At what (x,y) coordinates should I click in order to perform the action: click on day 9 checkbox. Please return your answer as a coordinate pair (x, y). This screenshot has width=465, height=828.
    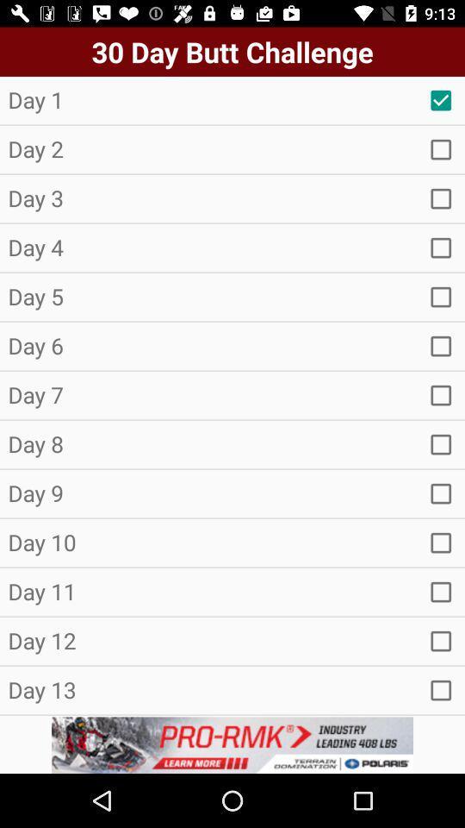
    Looking at the image, I should click on (441, 493).